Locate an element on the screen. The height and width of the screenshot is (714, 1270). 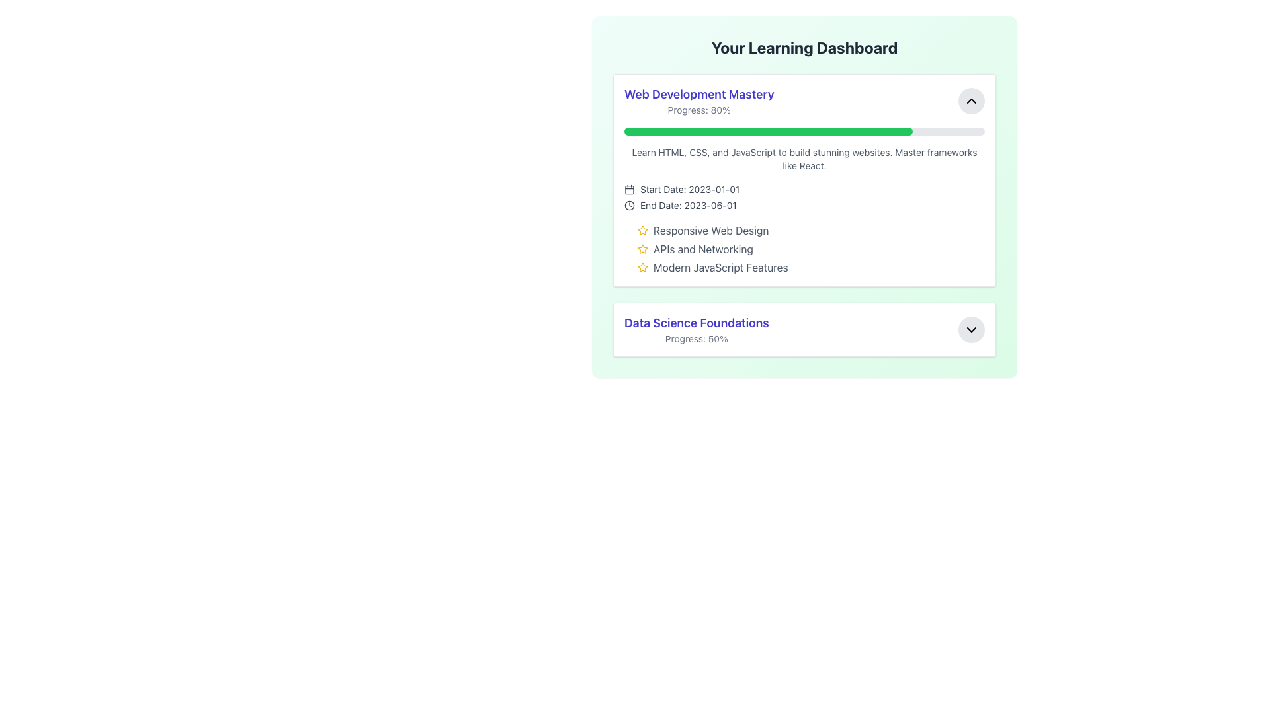
the golden-yellow star-shaped icon with a hollow interior, positioned to the left of the text 'Modern JavaScript Features' is located at coordinates (642, 268).